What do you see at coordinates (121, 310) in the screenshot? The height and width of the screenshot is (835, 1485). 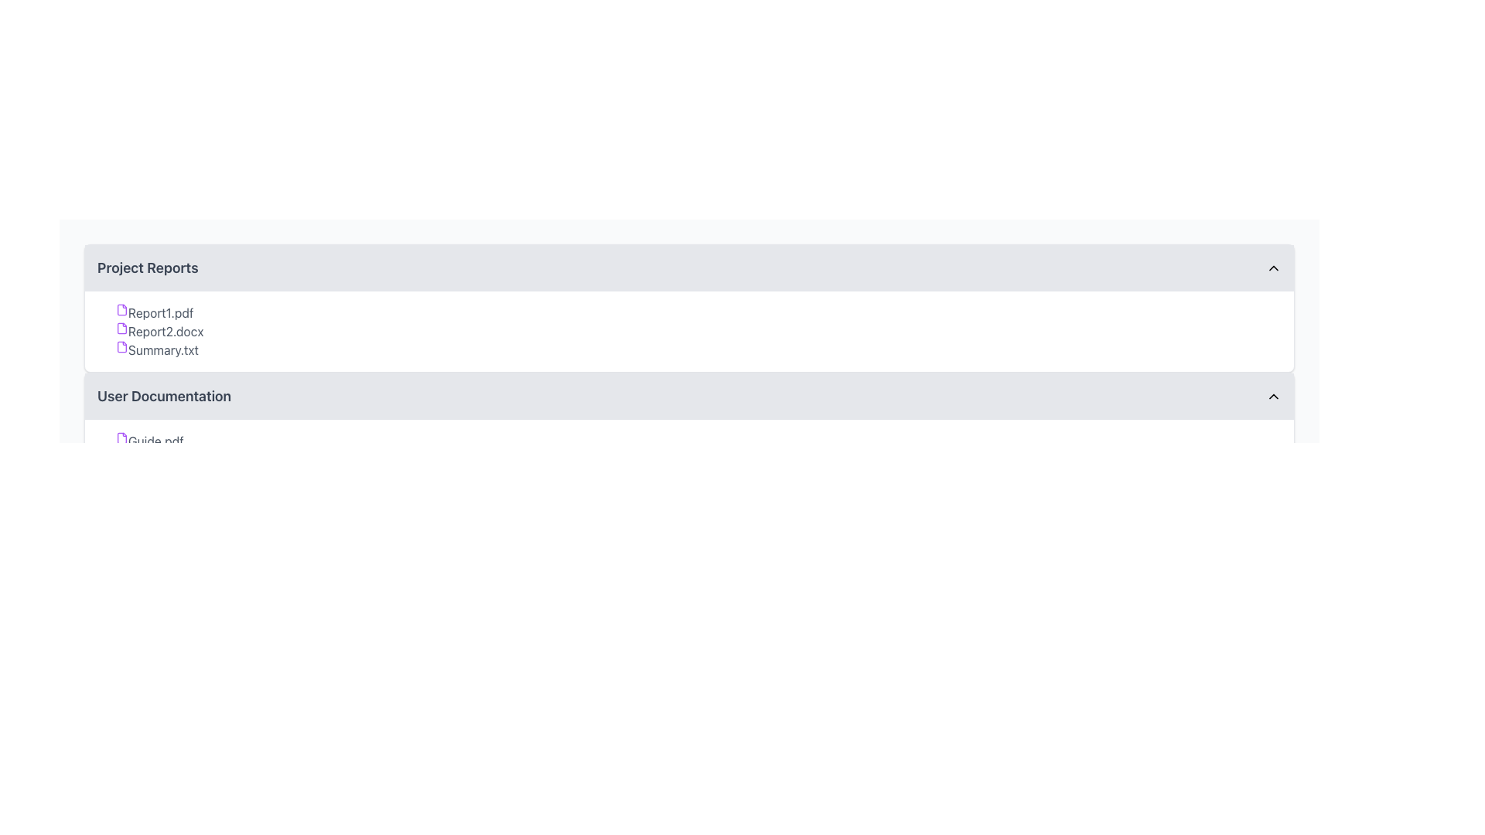 I see `the file icon representing 'Report1.pdf' located under the 'Project Reports' section` at bounding box center [121, 310].